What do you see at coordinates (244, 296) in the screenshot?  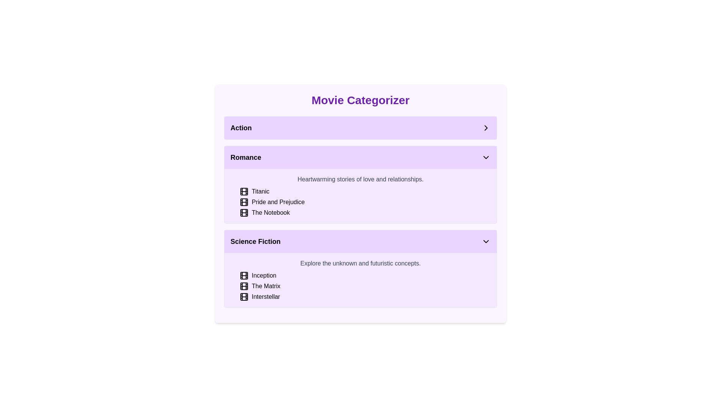 I see `the Icon component which is a small rectangle with rounded corners, part of a filmstrip, located before the text 'Interstellar' in the 'Science Fiction' section` at bounding box center [244, 296].